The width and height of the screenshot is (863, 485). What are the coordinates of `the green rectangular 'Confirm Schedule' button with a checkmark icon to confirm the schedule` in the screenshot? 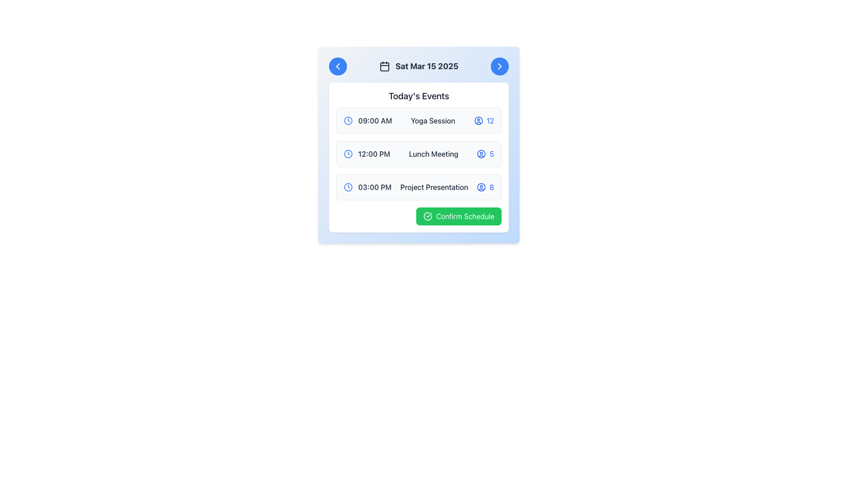 It's located at (418, 216).